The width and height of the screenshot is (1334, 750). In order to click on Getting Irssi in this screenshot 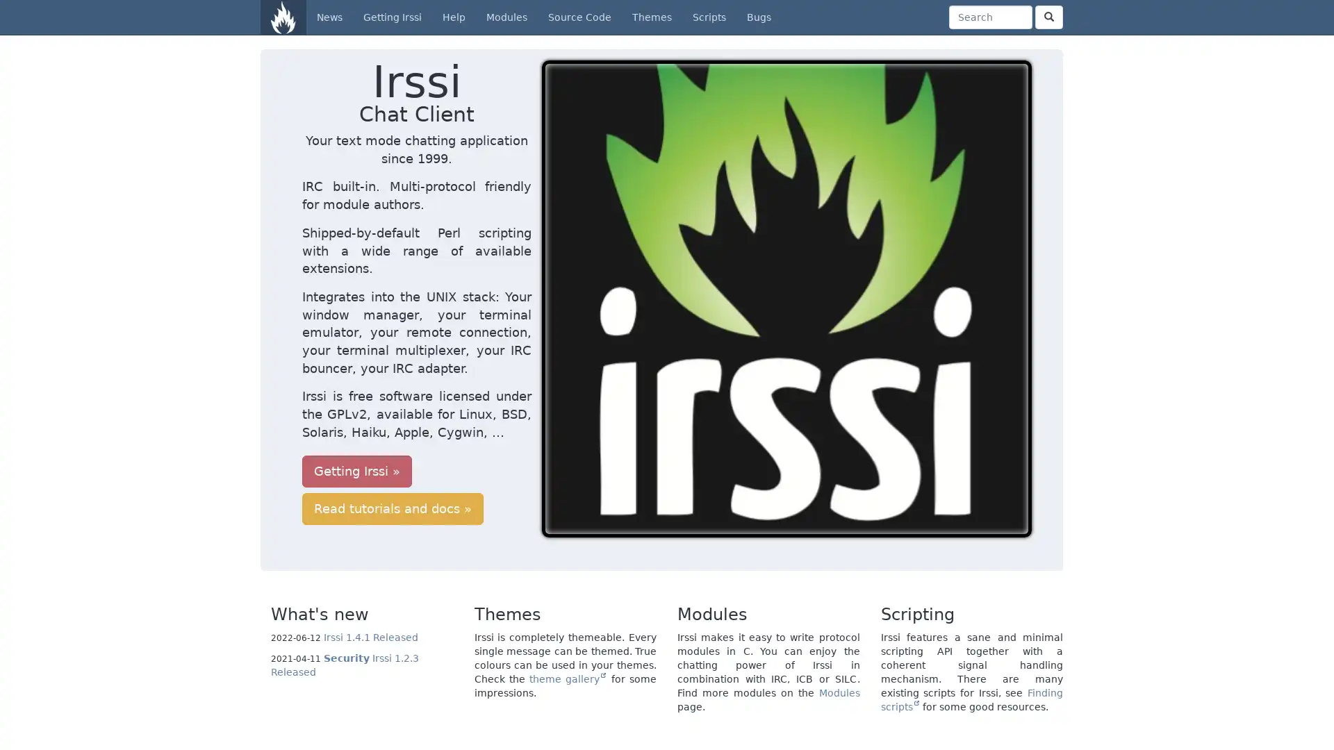, I will do `click(356, 399)`.